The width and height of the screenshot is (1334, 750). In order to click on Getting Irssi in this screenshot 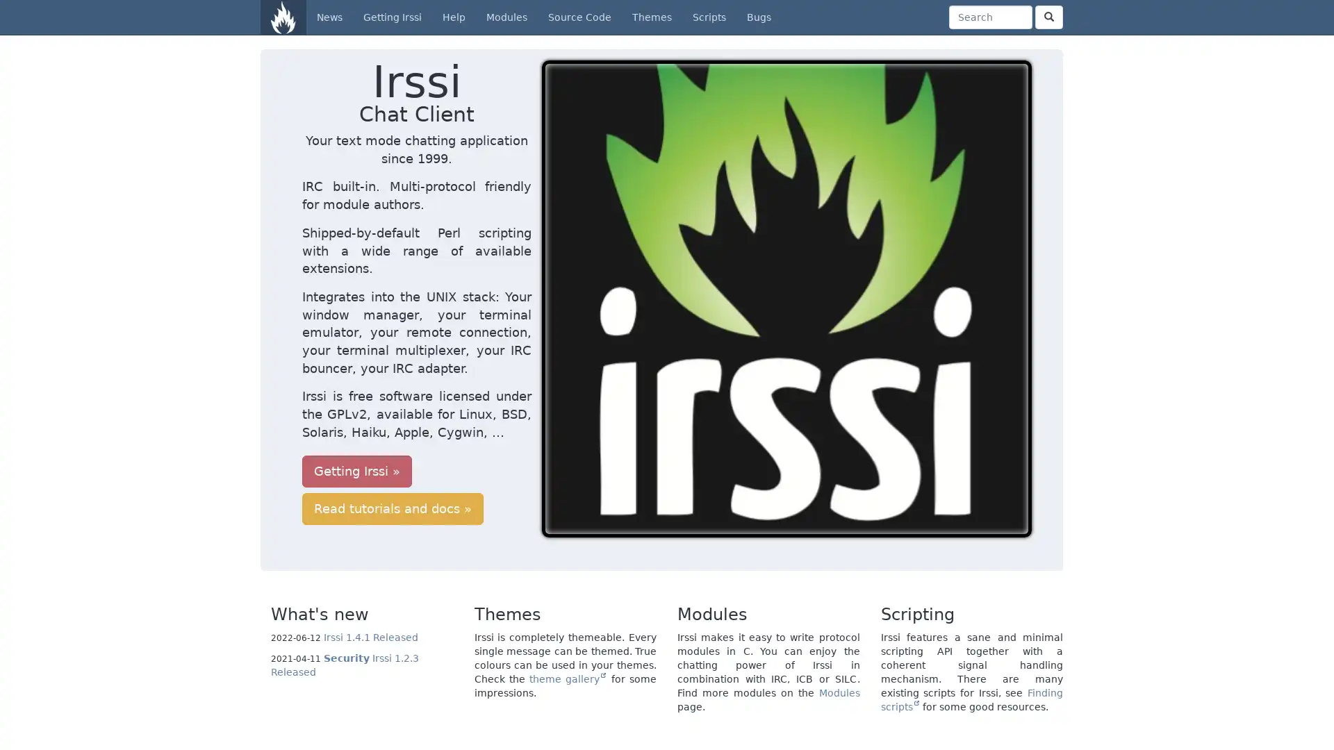, I will do `click(356, 399)`.